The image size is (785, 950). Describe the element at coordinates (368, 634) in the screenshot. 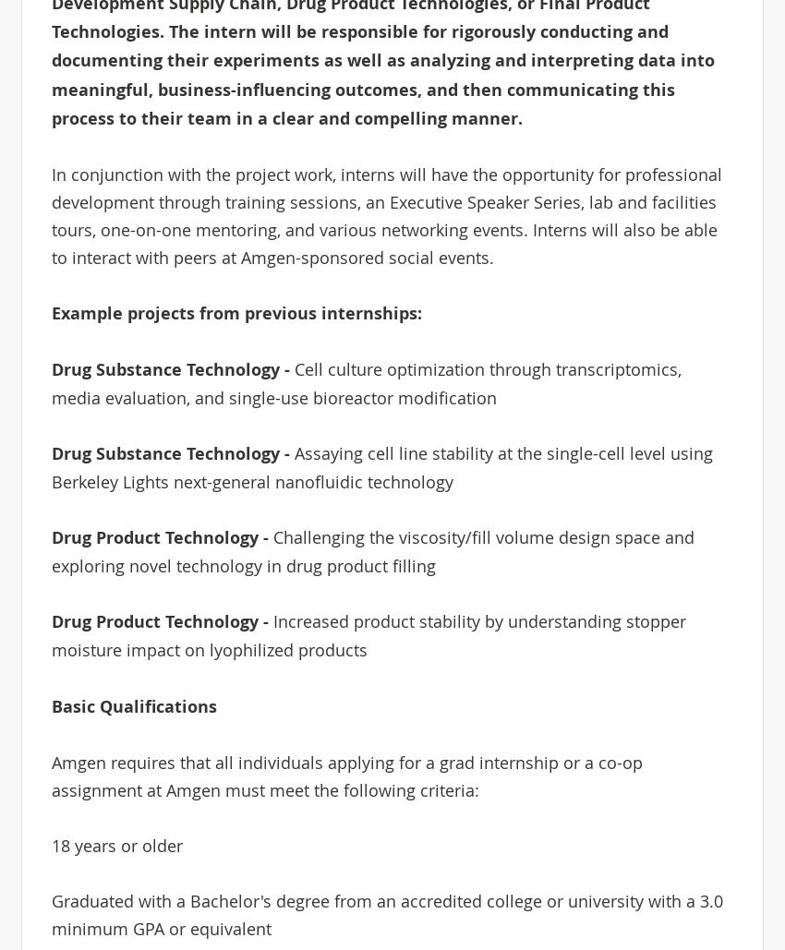

I see `'Increased product stability by understanding stopper moisture impact on lyophilized products'` at that location.